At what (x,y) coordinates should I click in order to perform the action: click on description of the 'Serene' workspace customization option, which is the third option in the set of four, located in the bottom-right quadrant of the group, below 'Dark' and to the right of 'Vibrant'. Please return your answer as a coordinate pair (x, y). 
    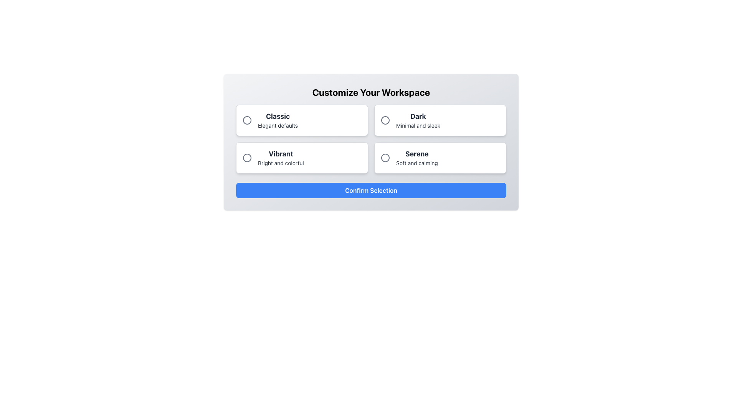
    Looking at the image, I should click on (416, 158).